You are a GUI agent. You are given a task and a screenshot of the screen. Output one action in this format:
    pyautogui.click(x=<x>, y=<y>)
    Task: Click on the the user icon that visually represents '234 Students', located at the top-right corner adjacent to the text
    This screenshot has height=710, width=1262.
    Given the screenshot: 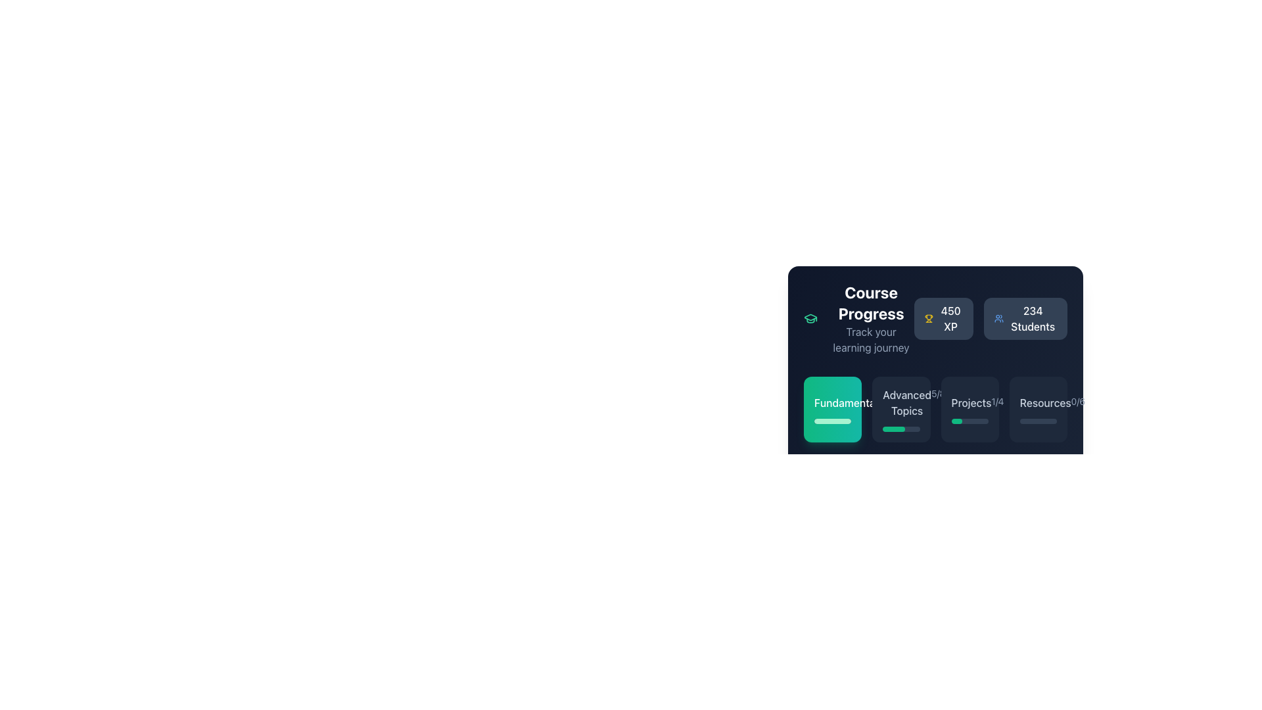 What is the action you would take?
    pyautogui.click(x=999, y=319)
    